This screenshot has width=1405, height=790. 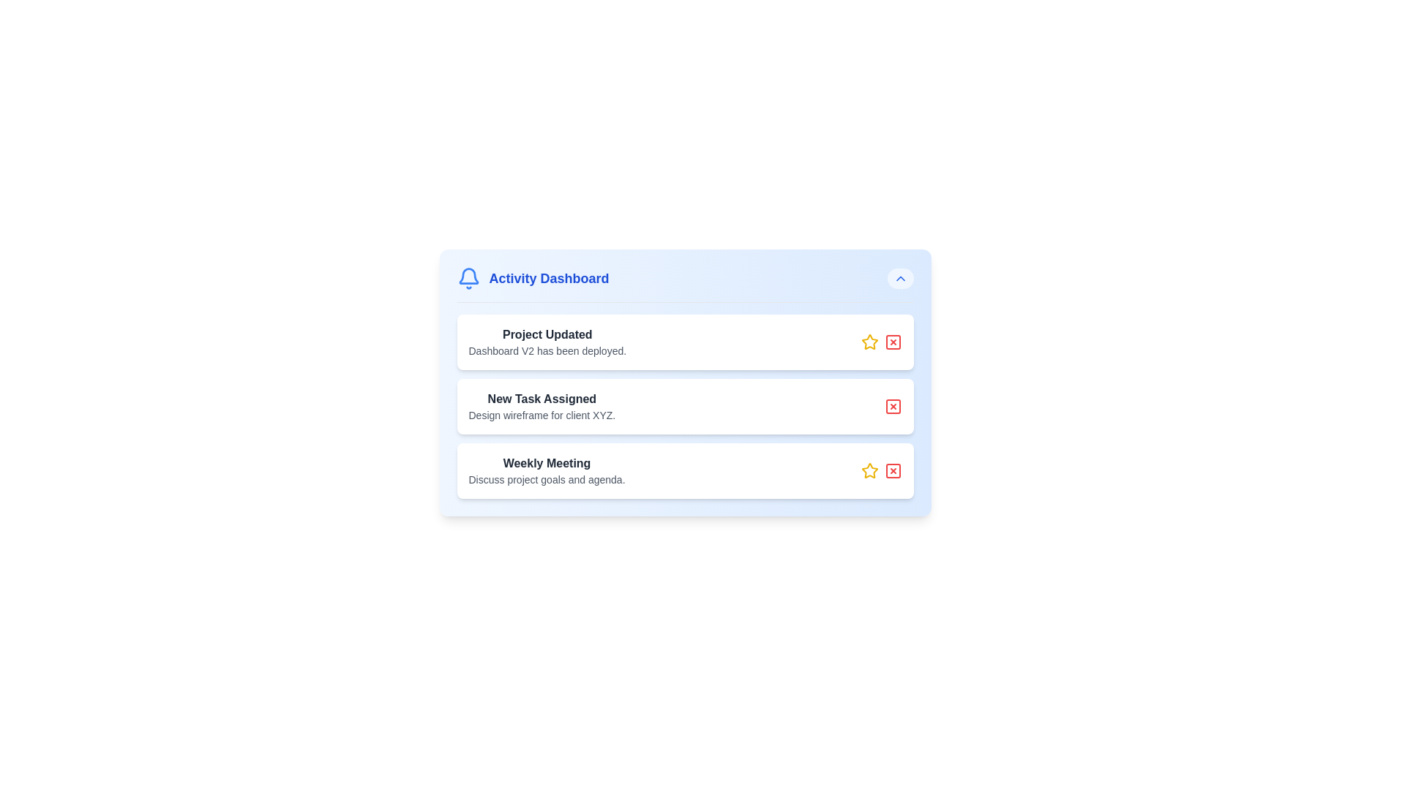 I want to click on the 'New Task Assigned' text label, so click(x=541, y=399).